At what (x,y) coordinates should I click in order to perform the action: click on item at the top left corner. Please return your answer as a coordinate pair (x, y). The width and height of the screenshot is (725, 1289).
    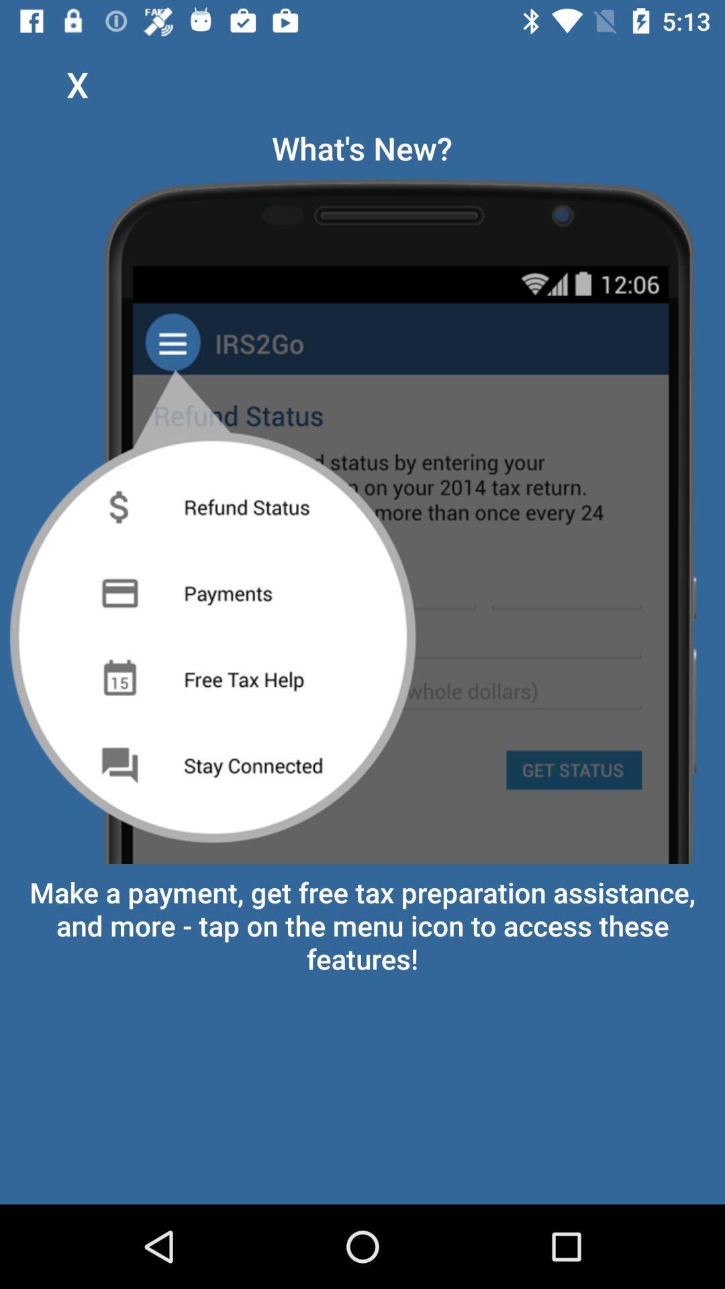
    Looking at the image, I should click on (77, 83).